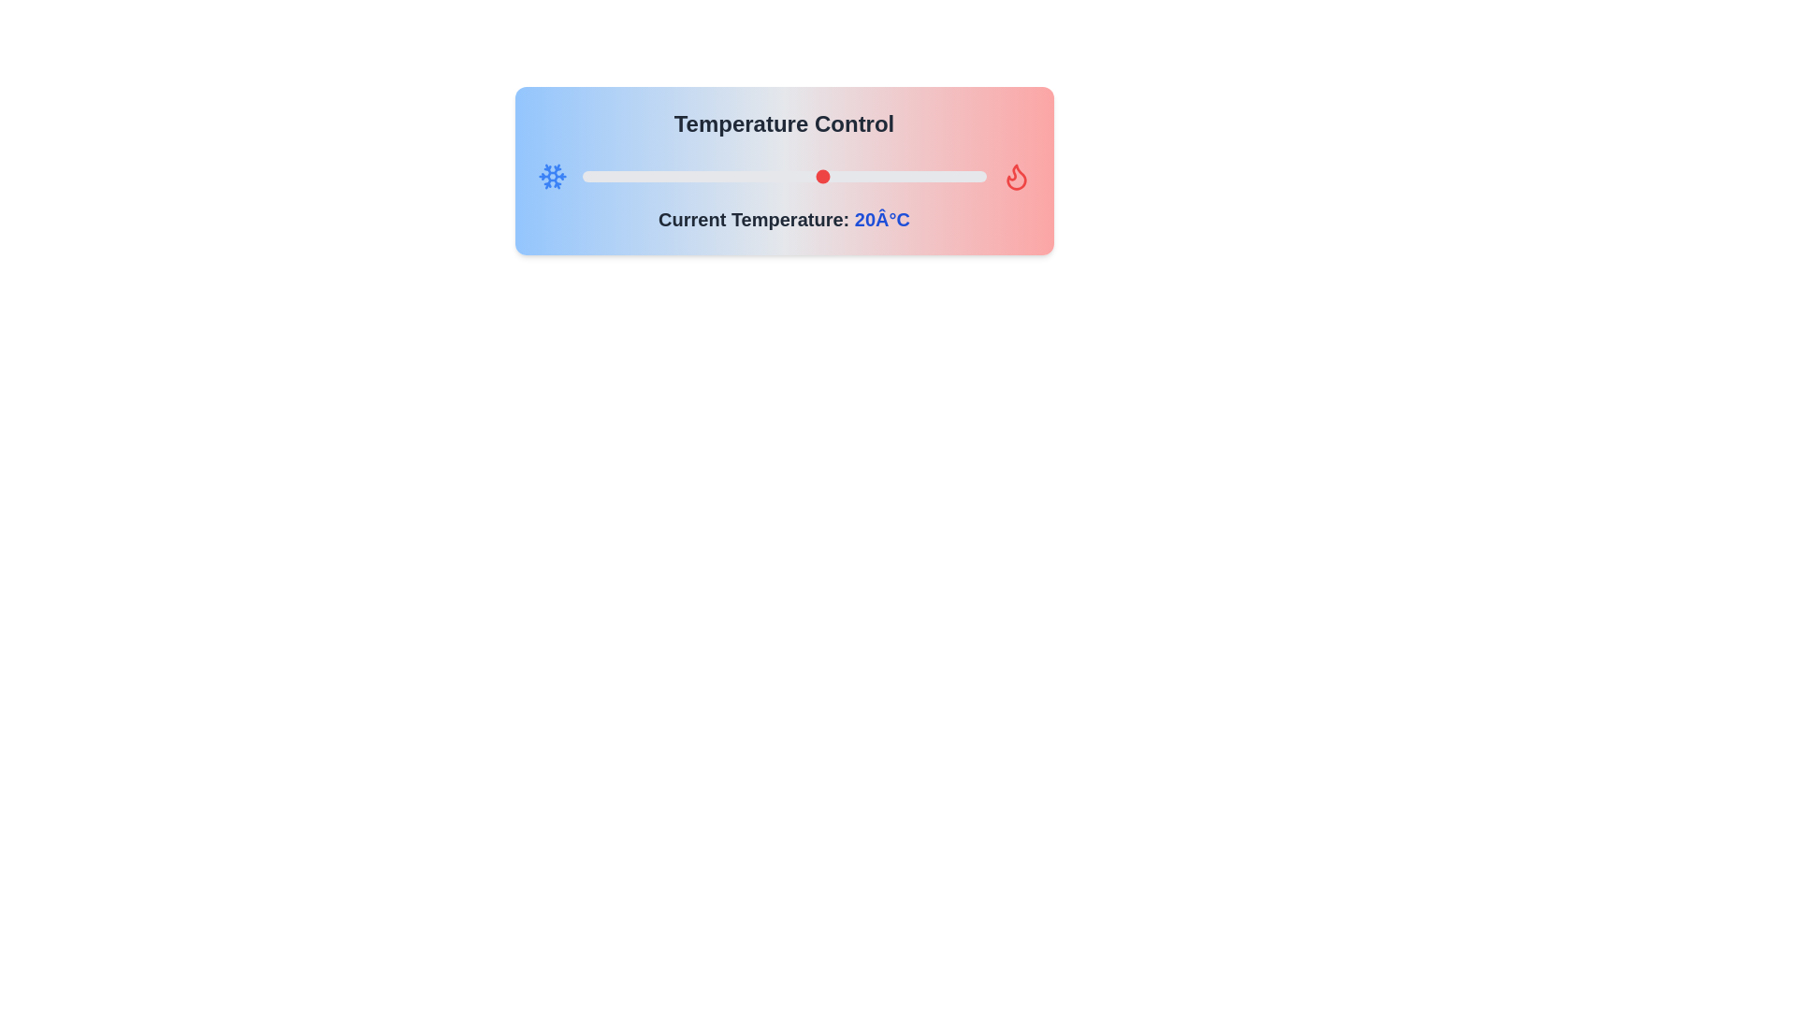 Image resolution: width=1796 pixels, height=1010 pixels. What do you see at coordinates (937, 177) in the screenshot?
I see `the temperature slider to 34 degrees Celsius` at bounding box center [937, 177].